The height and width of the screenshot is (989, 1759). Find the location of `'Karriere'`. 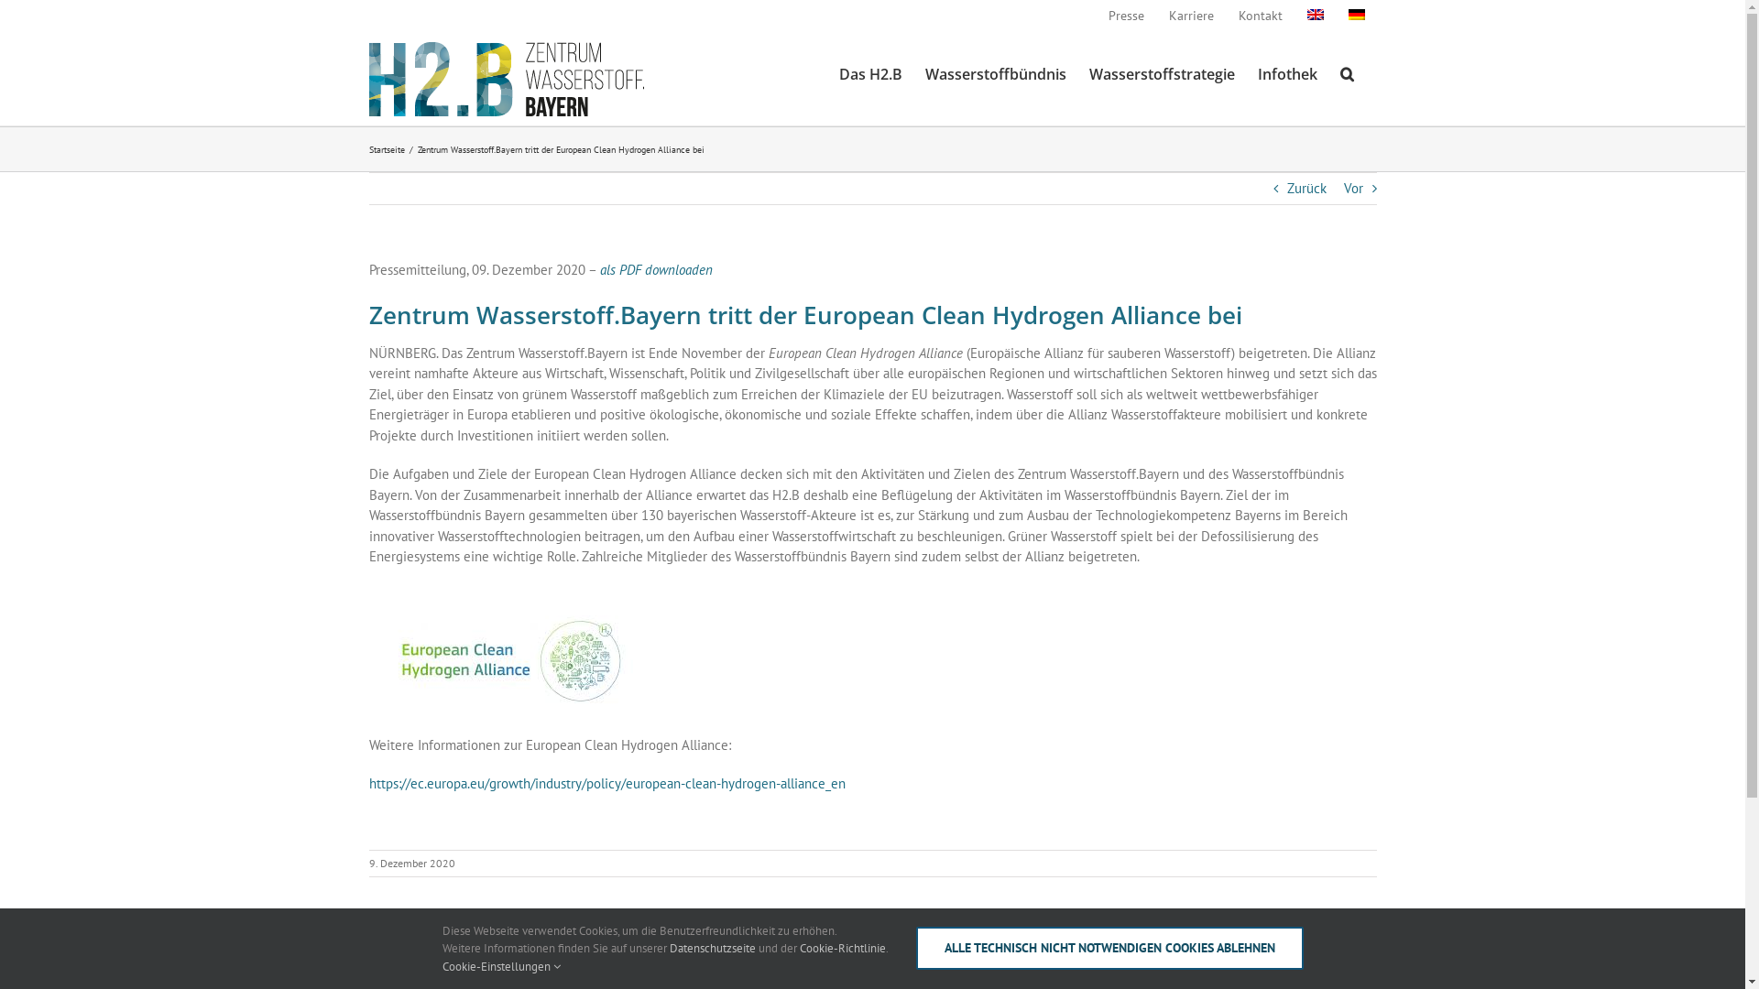

'Karriere' is located at coordinates (1190, 16).